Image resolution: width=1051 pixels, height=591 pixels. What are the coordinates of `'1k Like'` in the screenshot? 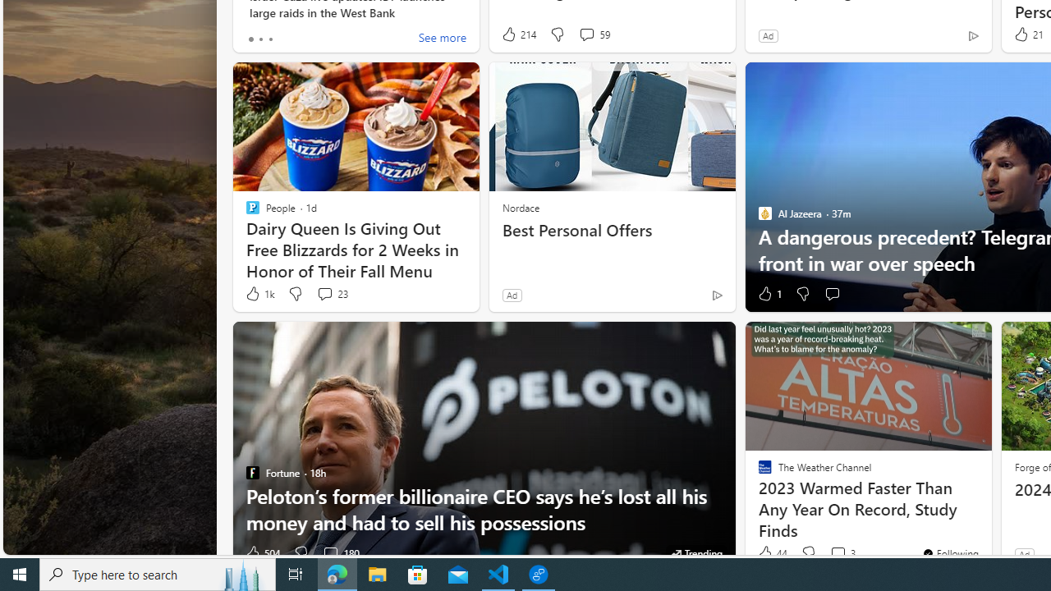 It's located at (258, 293).